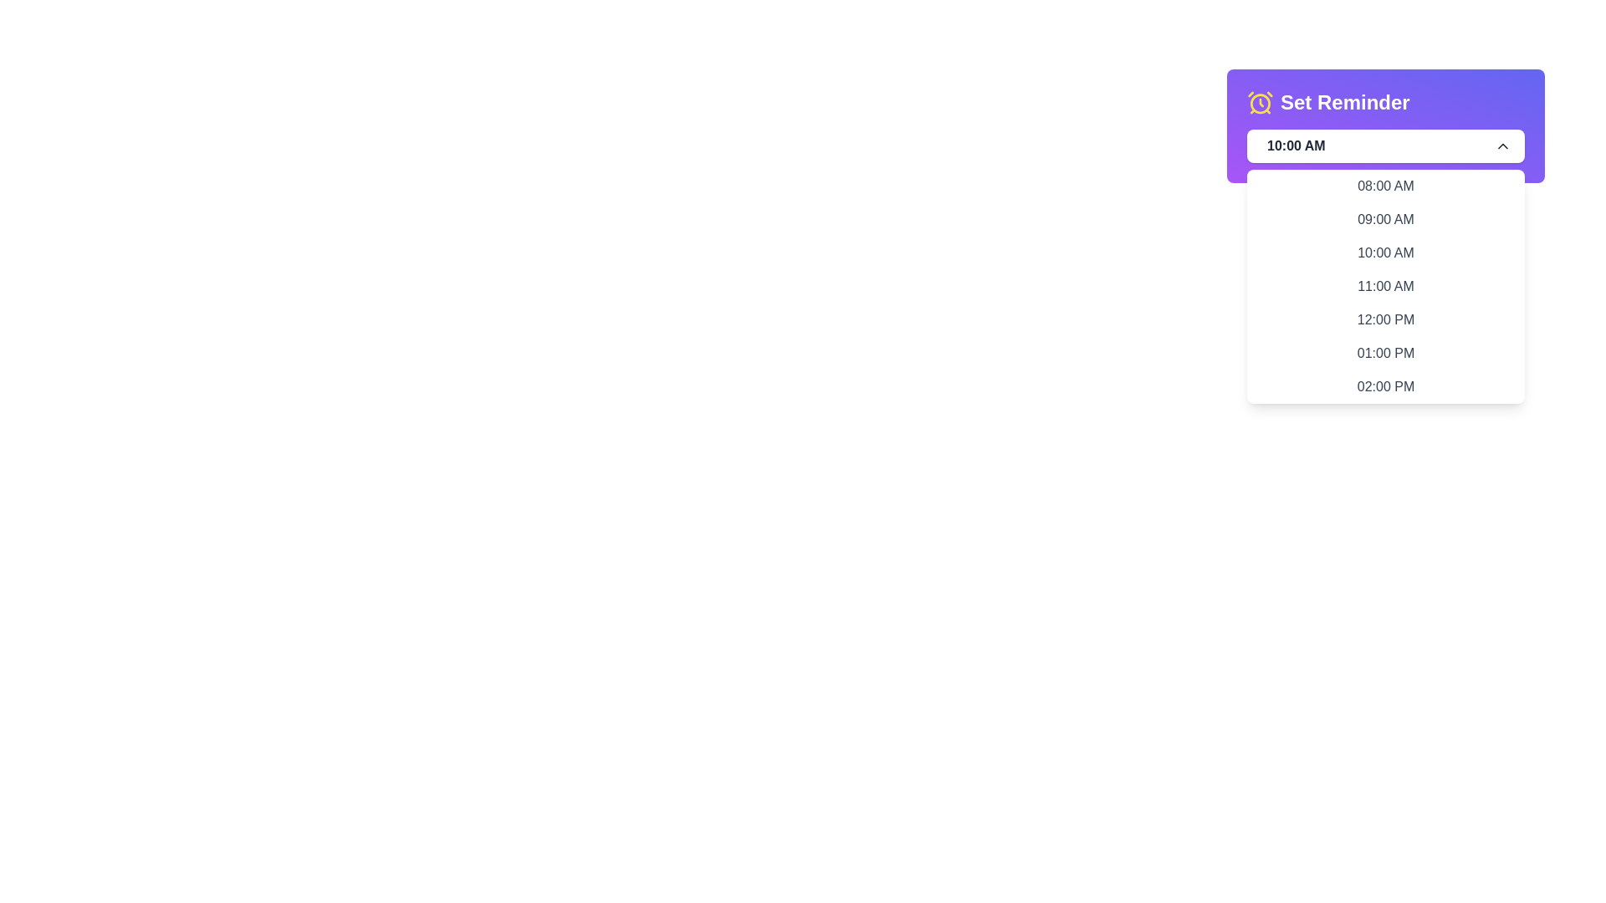 This screenshot has width=1606, height=903. I want to click on the fourth entry in the dropdown list labeled '11:00 AM', so click(1385, 286).